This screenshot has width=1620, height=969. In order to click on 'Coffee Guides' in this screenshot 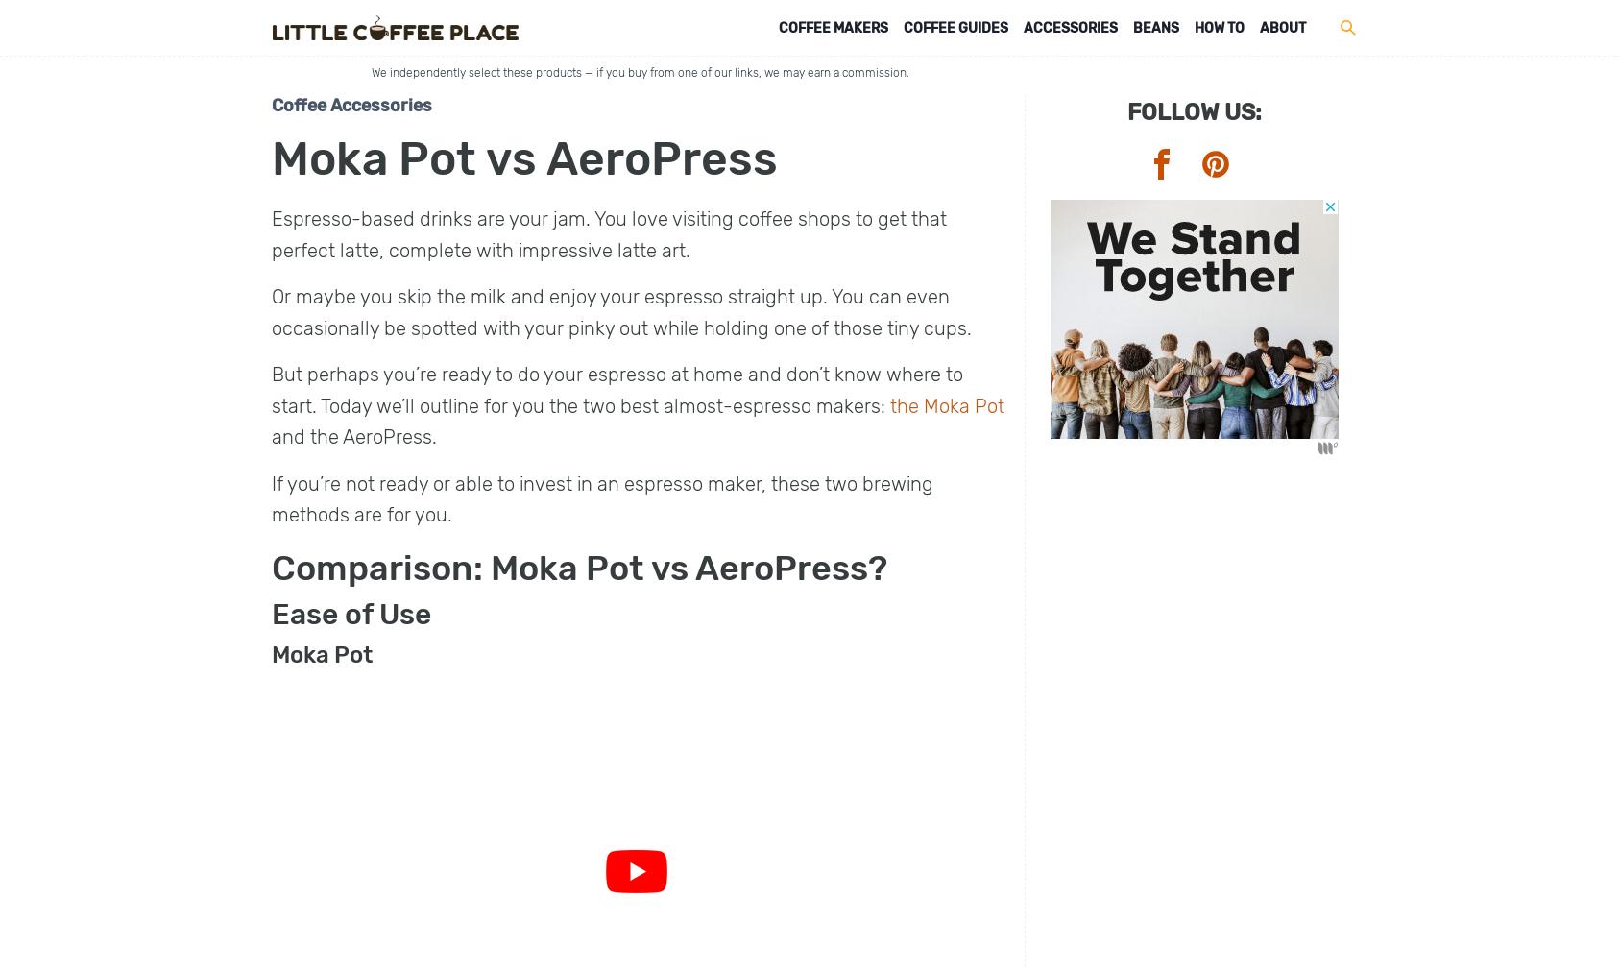, I will do `click(954, 26)`.